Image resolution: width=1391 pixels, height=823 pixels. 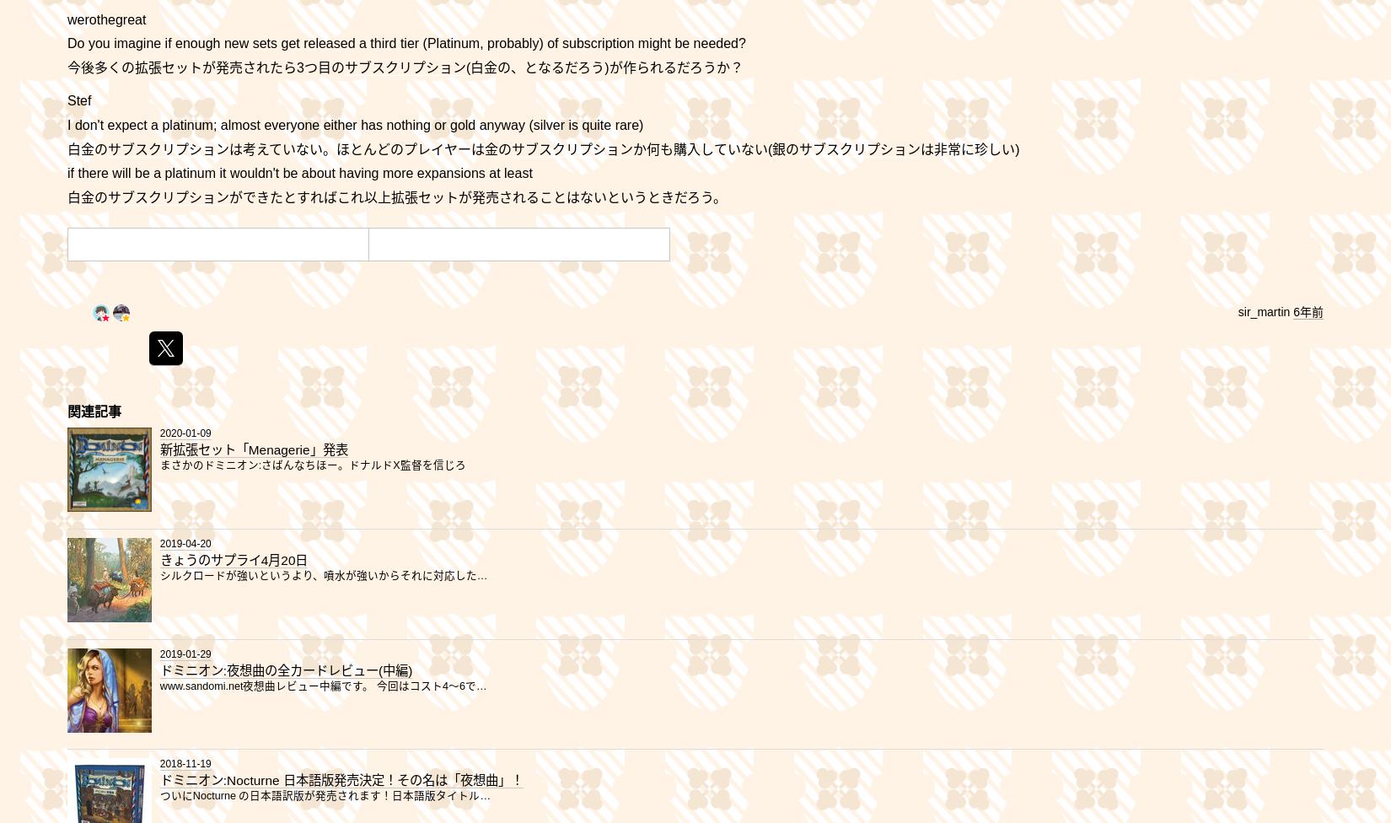 What do you see at coordinates (185, 433) in the screenshot?
I see `'2020-01-09'` at bounding box center [185, 433].